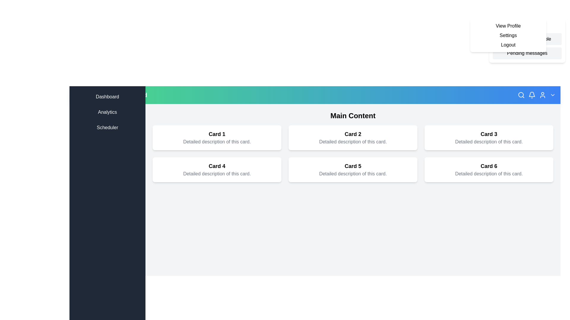  I want to click on the bold text label reading 'Card 6', which is the title within the sixth card of a 3x2 grid layout, so click(489, 166).